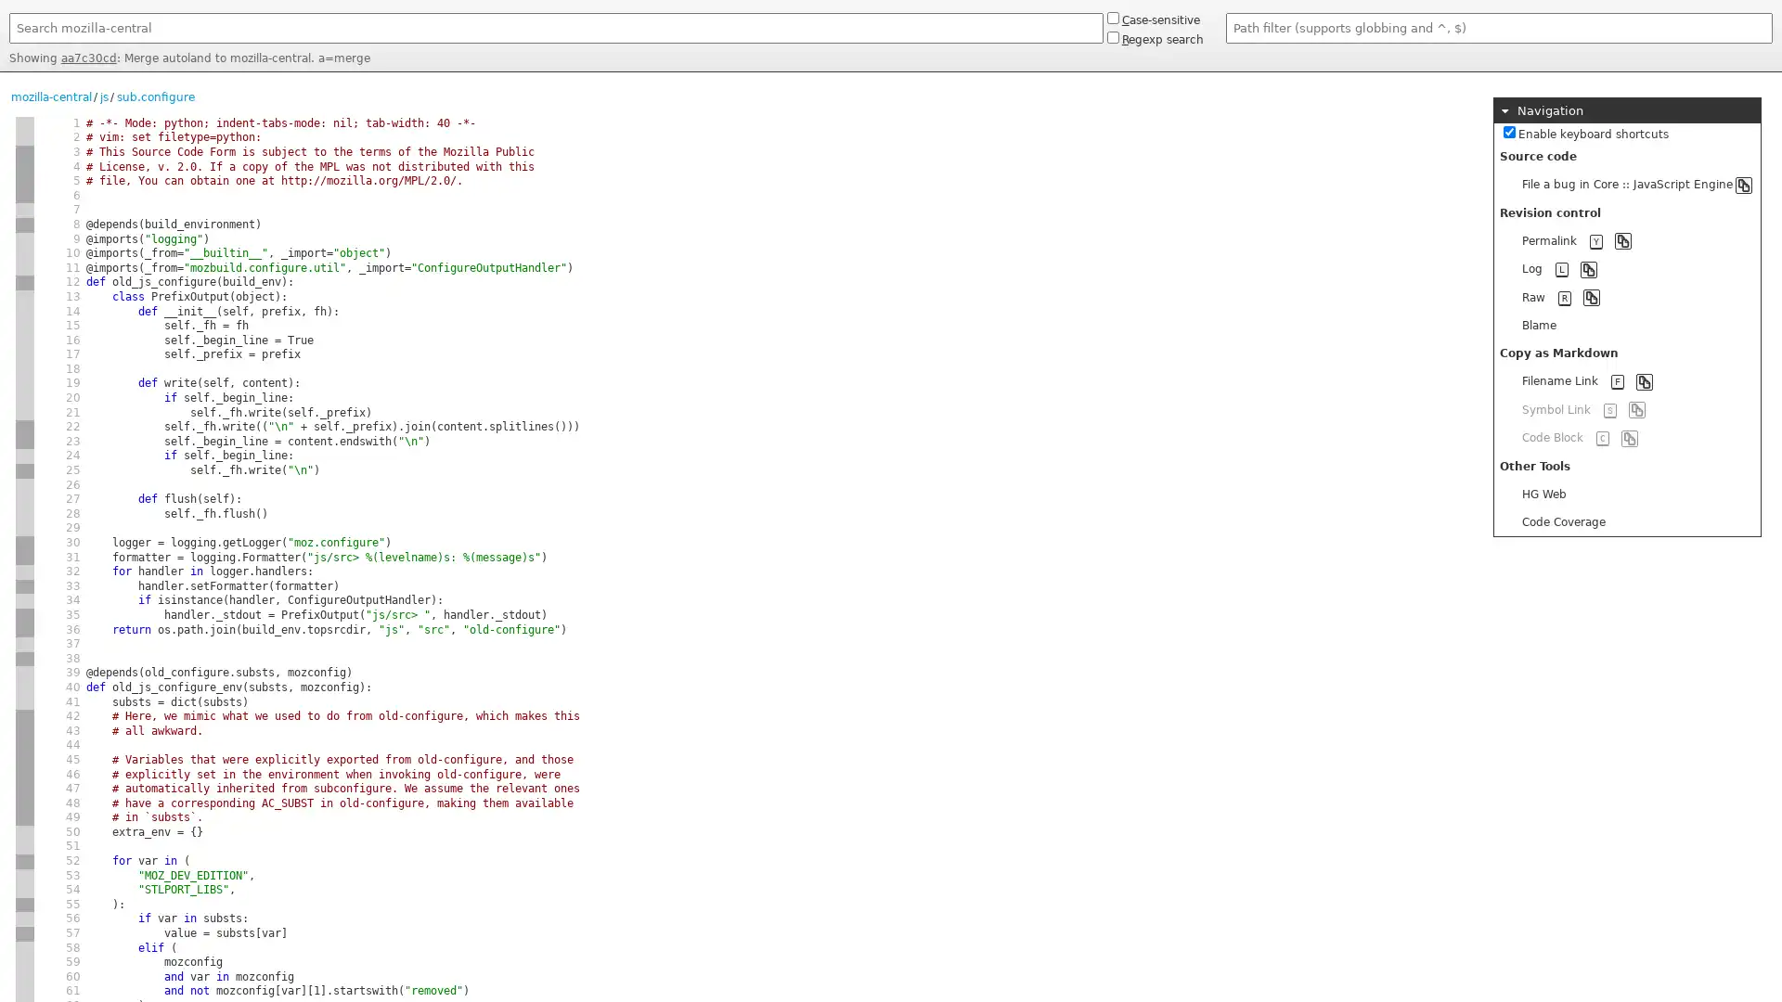 Image resolution: width=1782 pixels, height=1002 pixels. I want to click on new hash 6, so click(25, 456).